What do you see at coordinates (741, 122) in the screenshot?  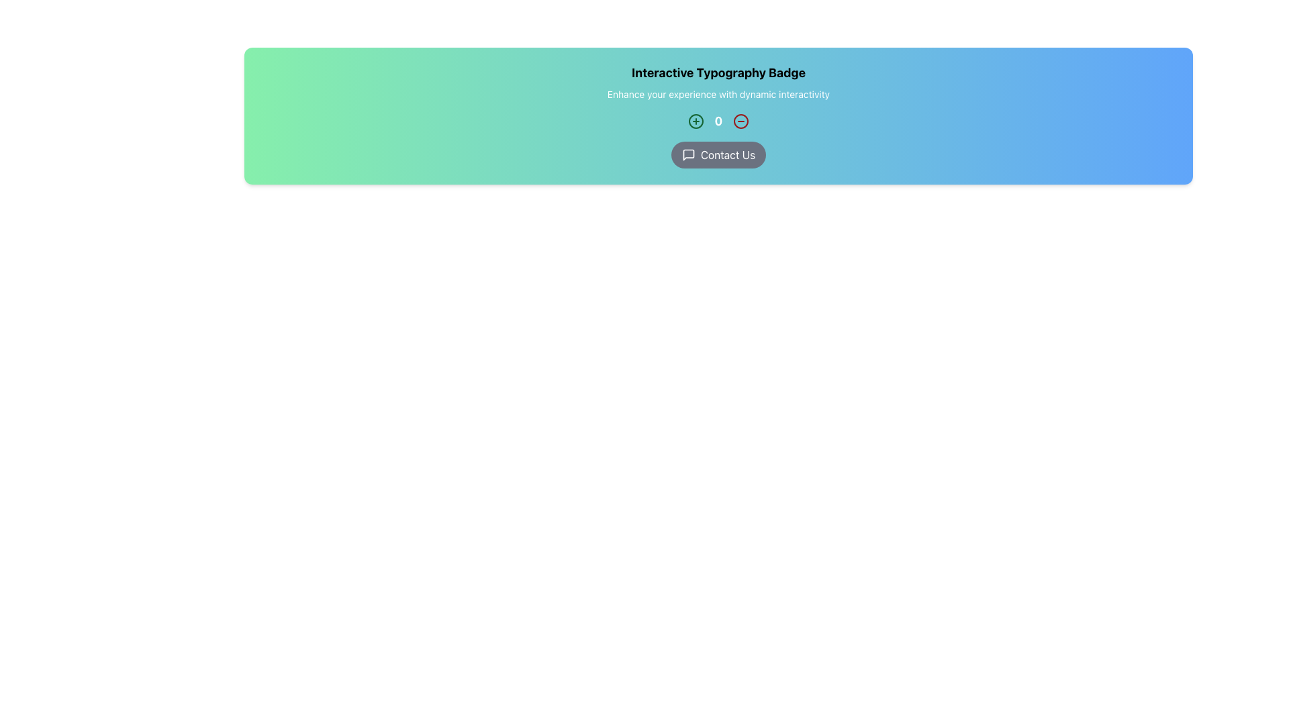 I see `the outer SVG circle graphic element located to the right of a horizontal row of graphical and textual elements, which symbolizes a negative indicator` at bounding box center [741, 122].